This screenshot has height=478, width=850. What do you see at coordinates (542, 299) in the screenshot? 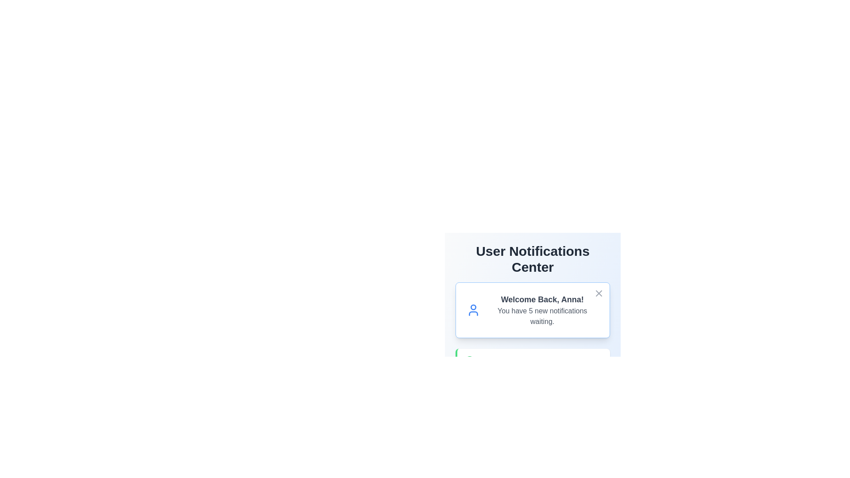
I see `the text label displaying 'Welcome Back, Anna!' which is prominently styled in bold and larger font size, located at the top of the notification card in the User Notifications Center` at bounding box center [542, 299].